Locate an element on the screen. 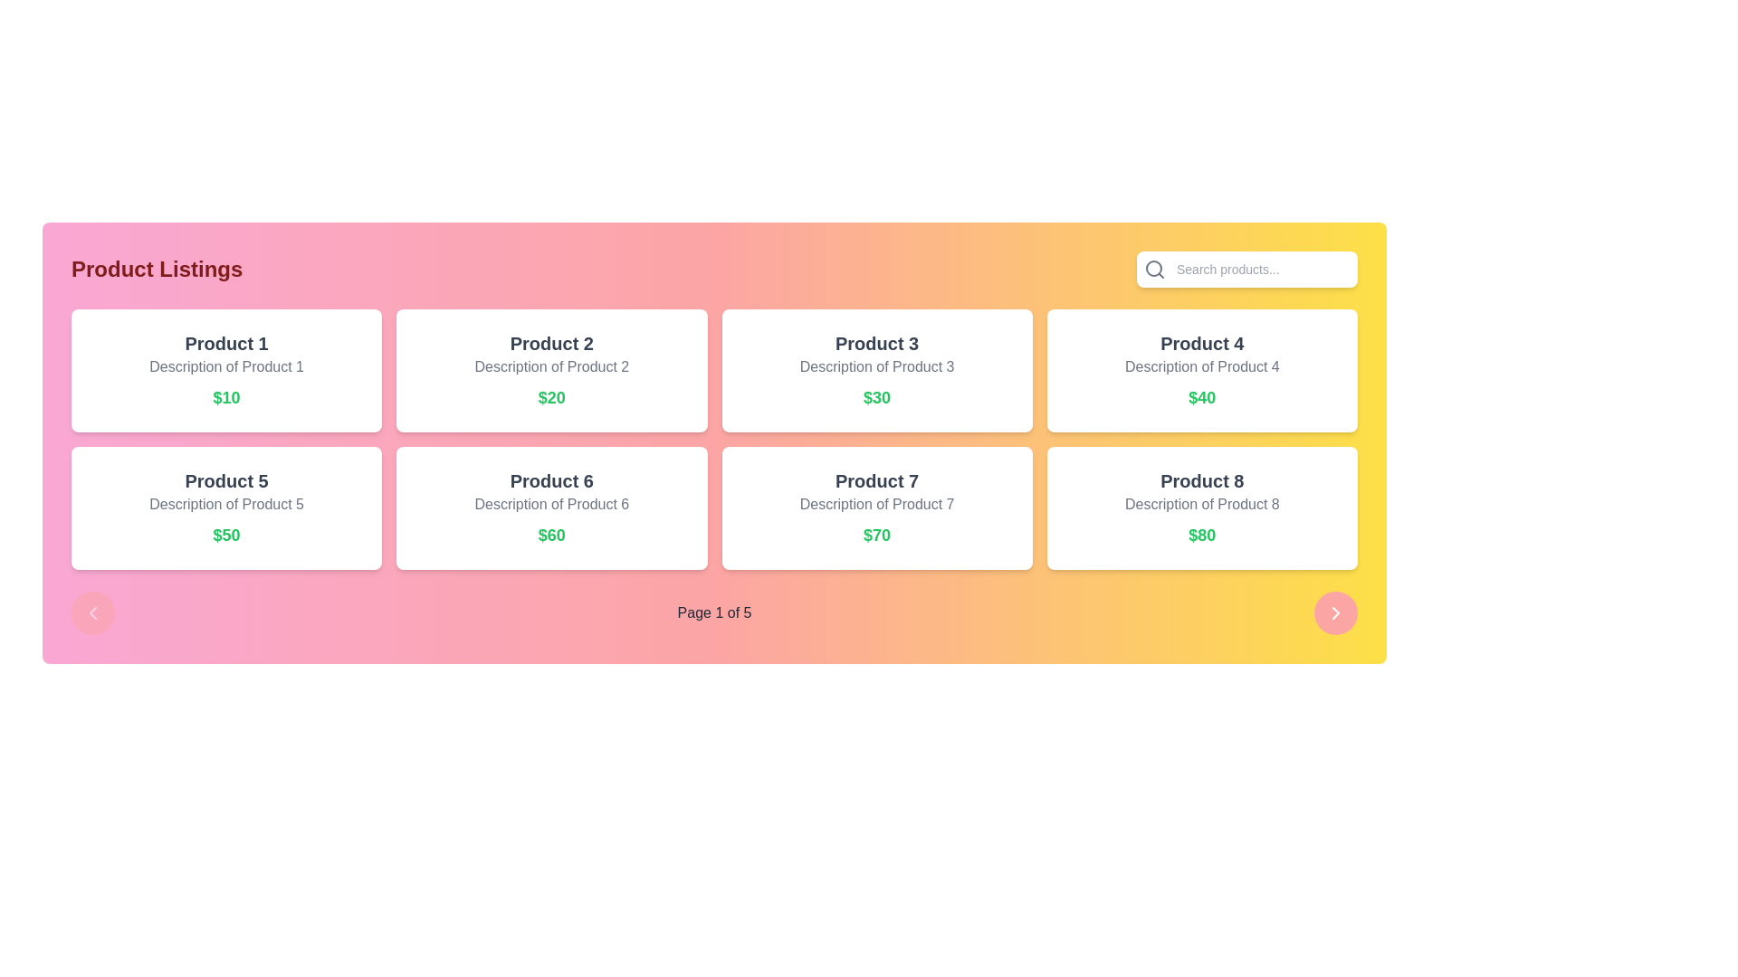 This screenshot has width=1738, height=977. the left circular button with a red background that serves as a navigation control for moving to the previous item or page is located at coordinates (91, 612).